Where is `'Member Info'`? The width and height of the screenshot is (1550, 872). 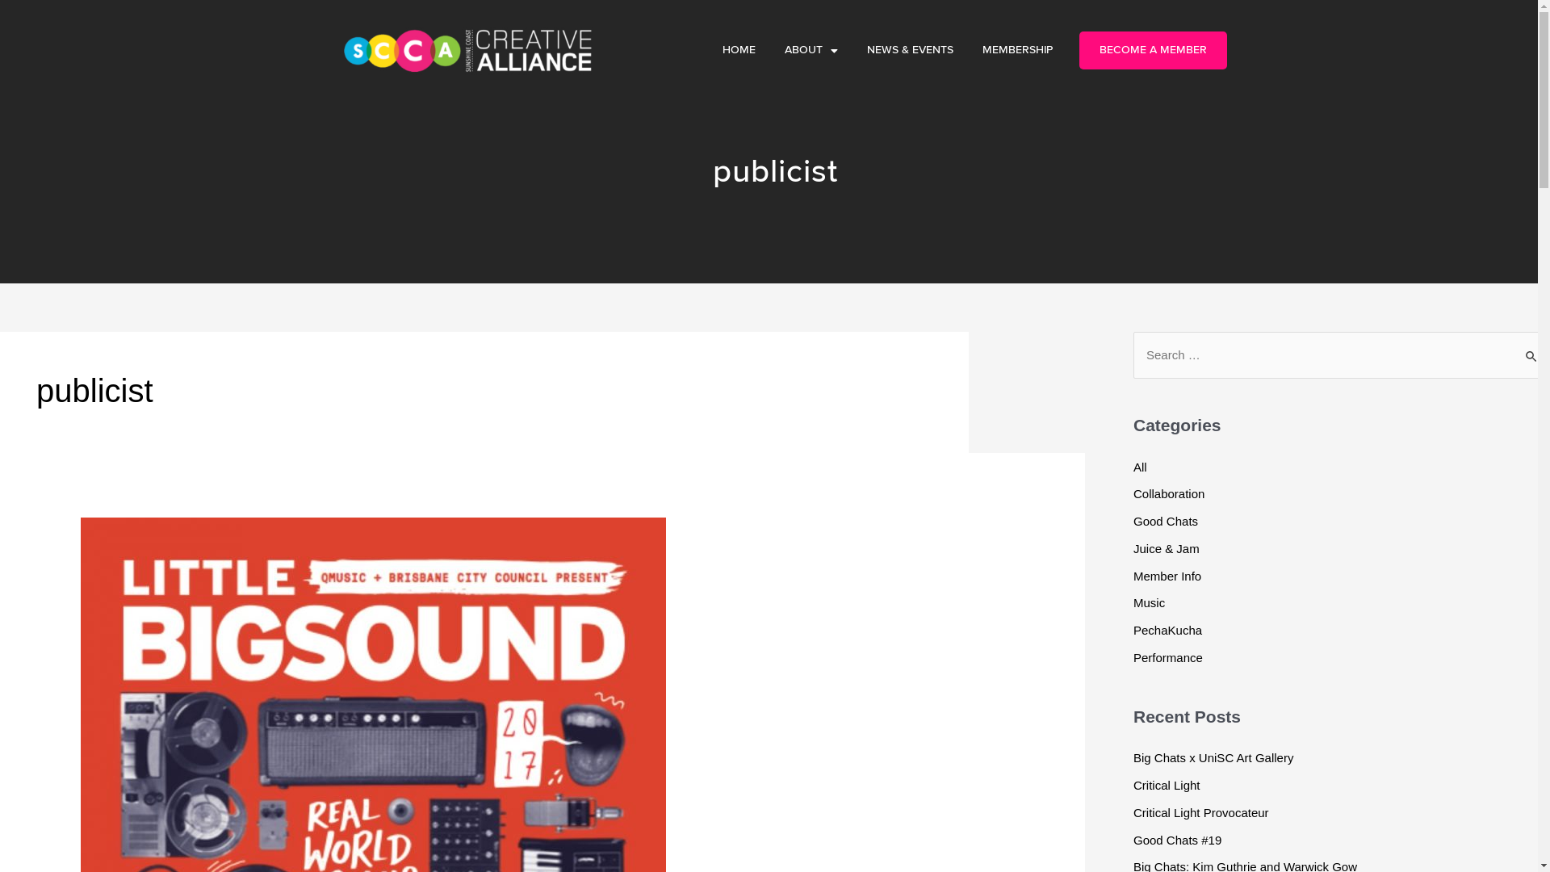 'Member Info' is located at coordinates (1167, 574).